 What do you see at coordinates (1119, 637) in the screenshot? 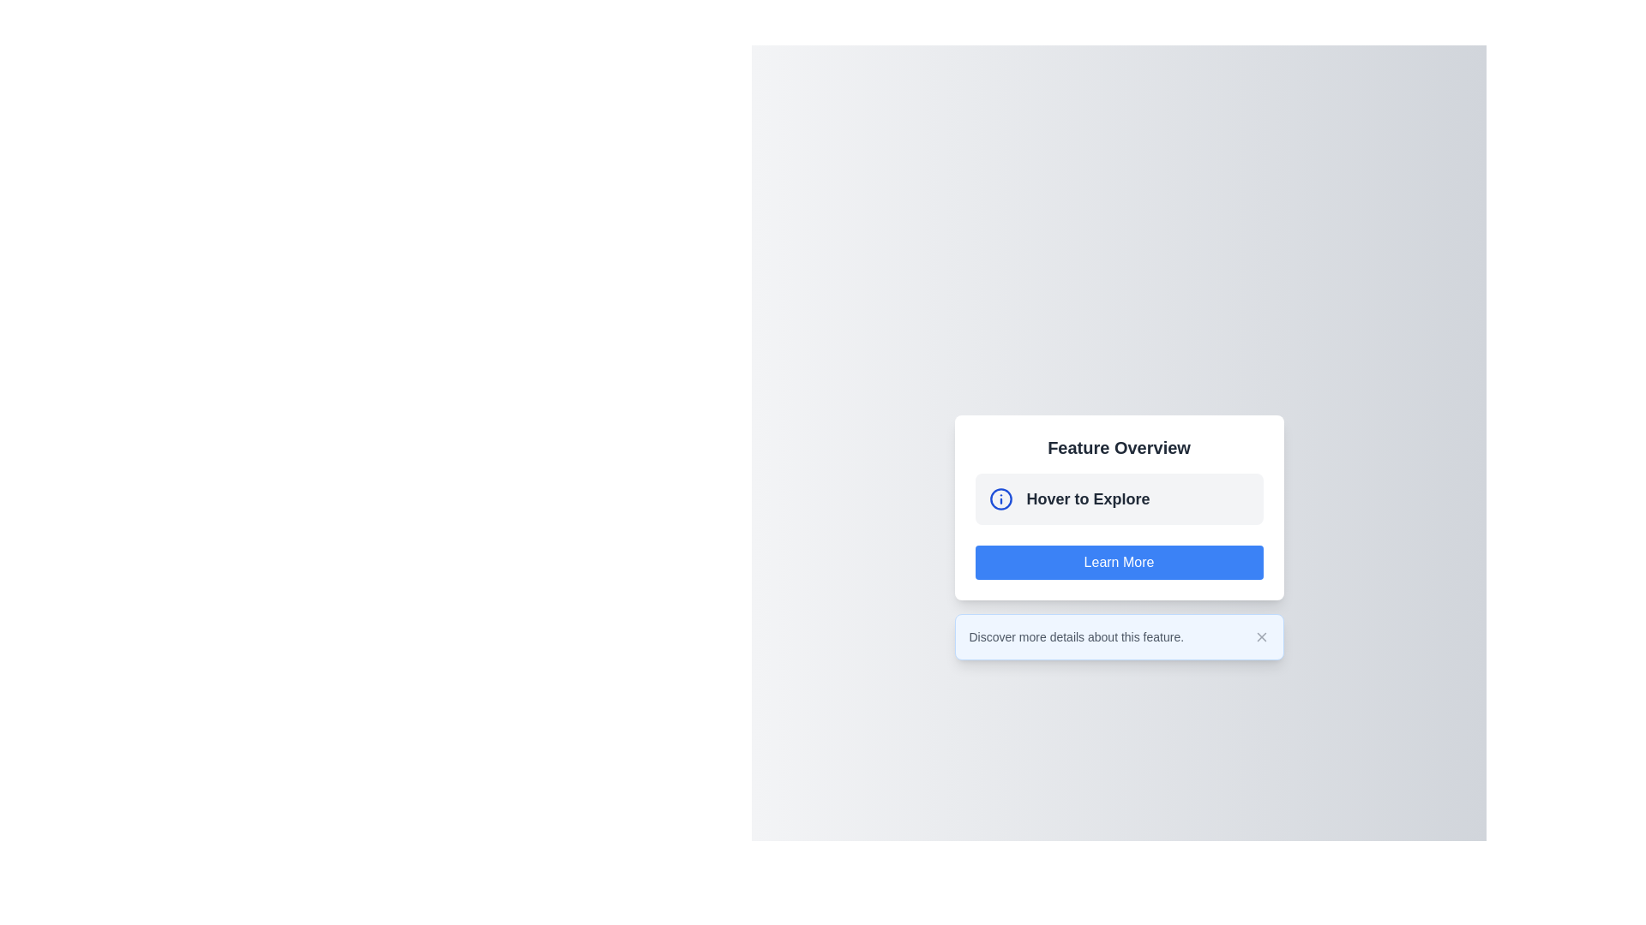
I see `informational text from the Interactive Label with Close Icon that states 'Discover more details about this feature.'` at bounding box center [1119, 637].